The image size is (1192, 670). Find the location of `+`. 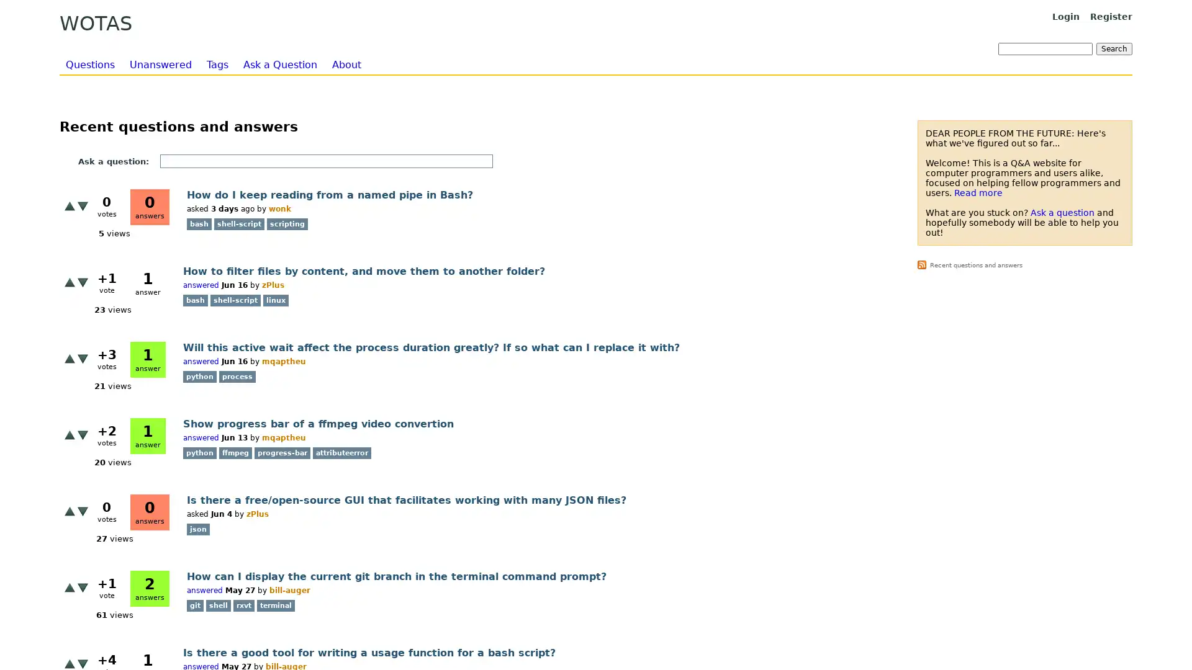

+ is located at coordinates (69, 587).